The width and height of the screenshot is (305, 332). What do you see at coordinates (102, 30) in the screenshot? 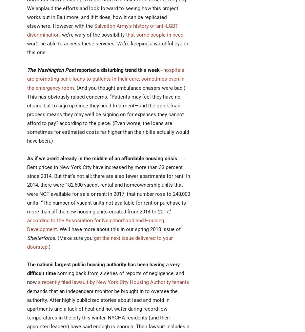
I see `'Salvation Army’s history of anti-LGBT discrimination'` at bounding box center [102, 30].